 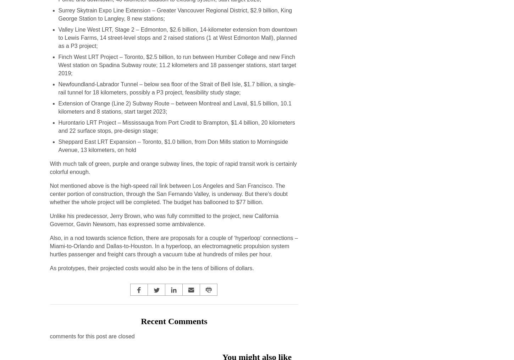 What do you see at coordinates (175, 14) in the screenshot?
I see `'Surrey  Skytrain Expo Line Extension – Greater Vancouver Regional District, $2.9 billion,  King George Station to Langley, 8 new stations;'` at bounding box center [175, 14].